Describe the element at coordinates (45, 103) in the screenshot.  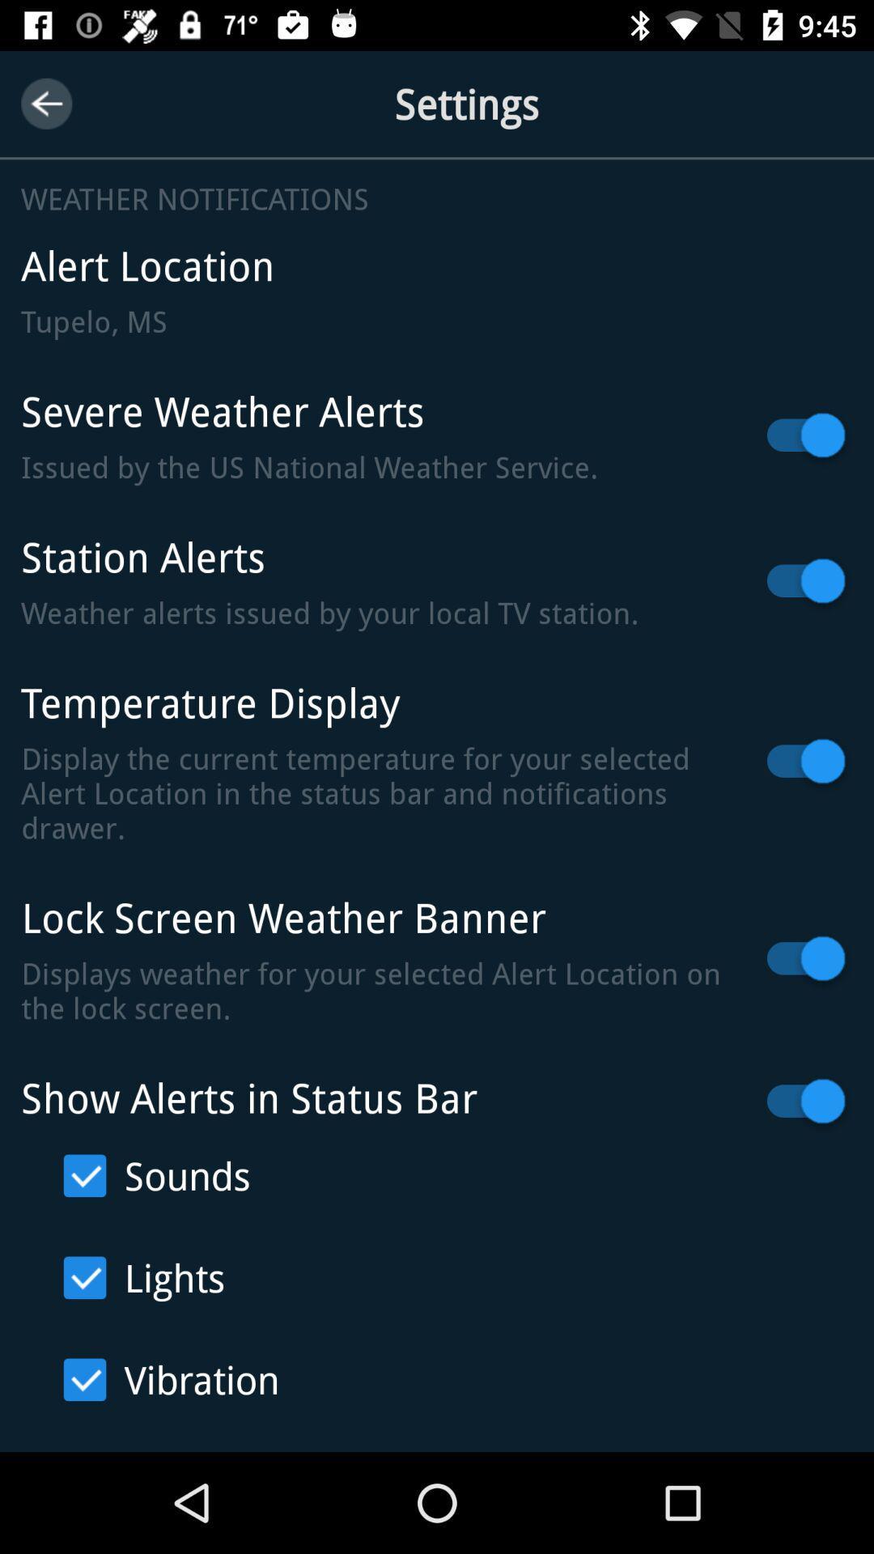
I see `the arrow_backward icon` at that location.